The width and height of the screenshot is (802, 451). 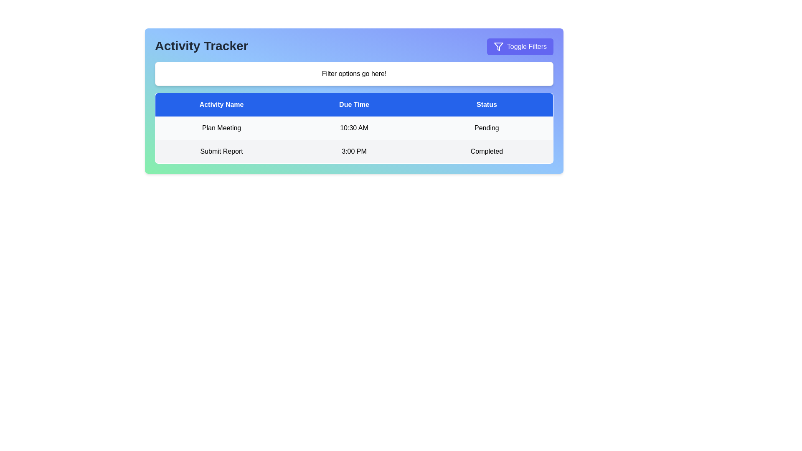 I want to click on the 'Toggle Filters' button that contains the decorative filter SVG icon located at the top-right corner of the interface, so click(x=498, y=46).